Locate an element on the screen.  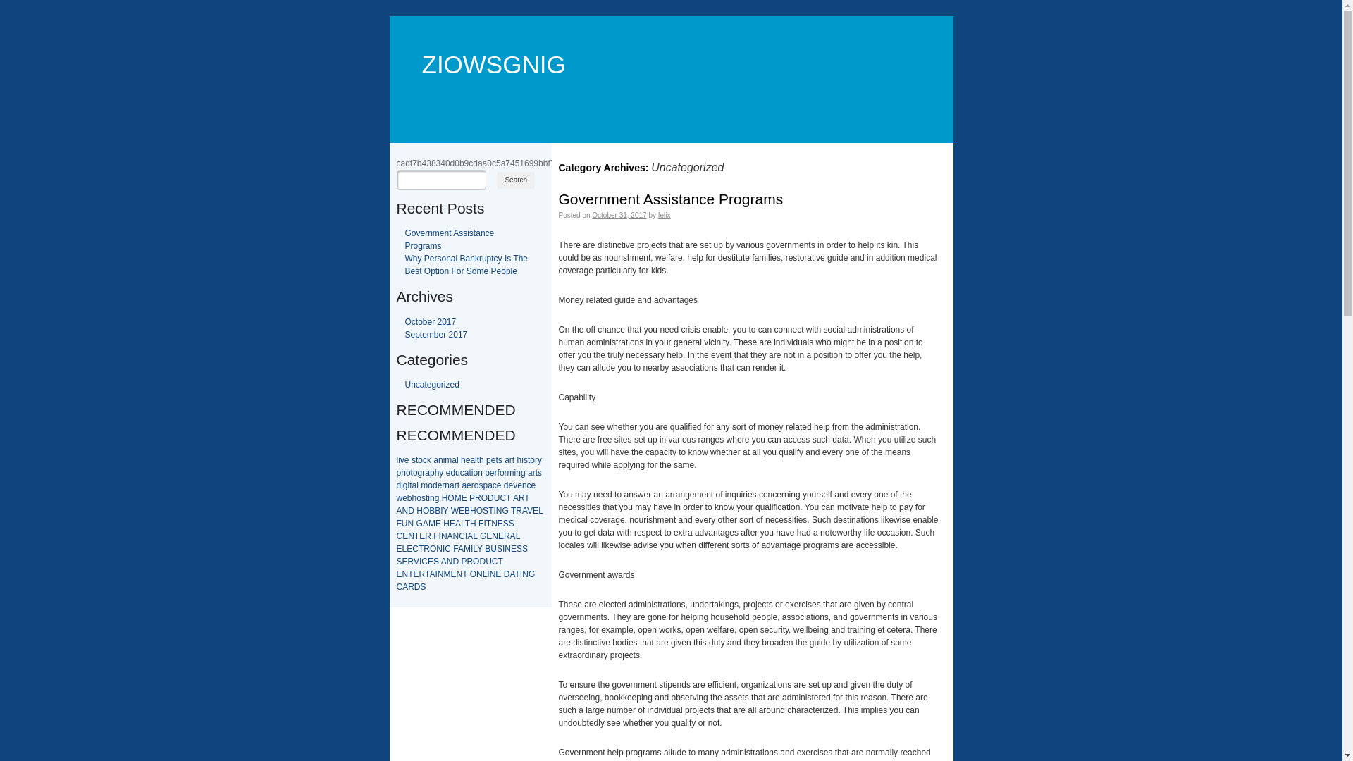
'I' is located at coordinates (520, 574).